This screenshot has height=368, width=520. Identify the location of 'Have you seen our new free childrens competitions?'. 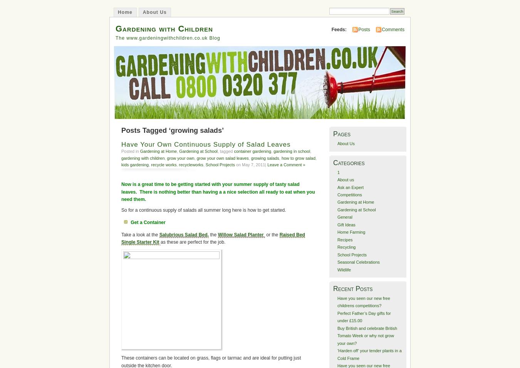
(363, 301).